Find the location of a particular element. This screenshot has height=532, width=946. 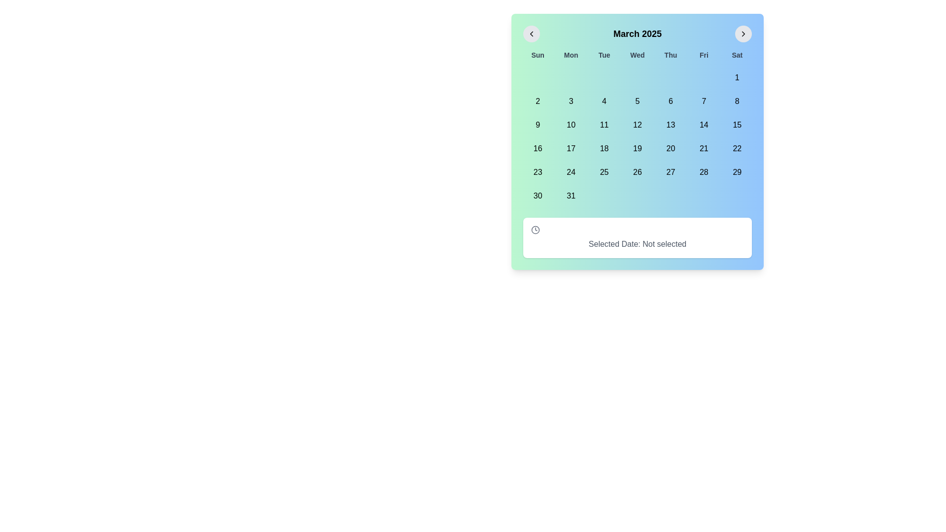

the square button displaying the number '21' in the calendar grid for March 2025 is located at coordinates (703, 148).